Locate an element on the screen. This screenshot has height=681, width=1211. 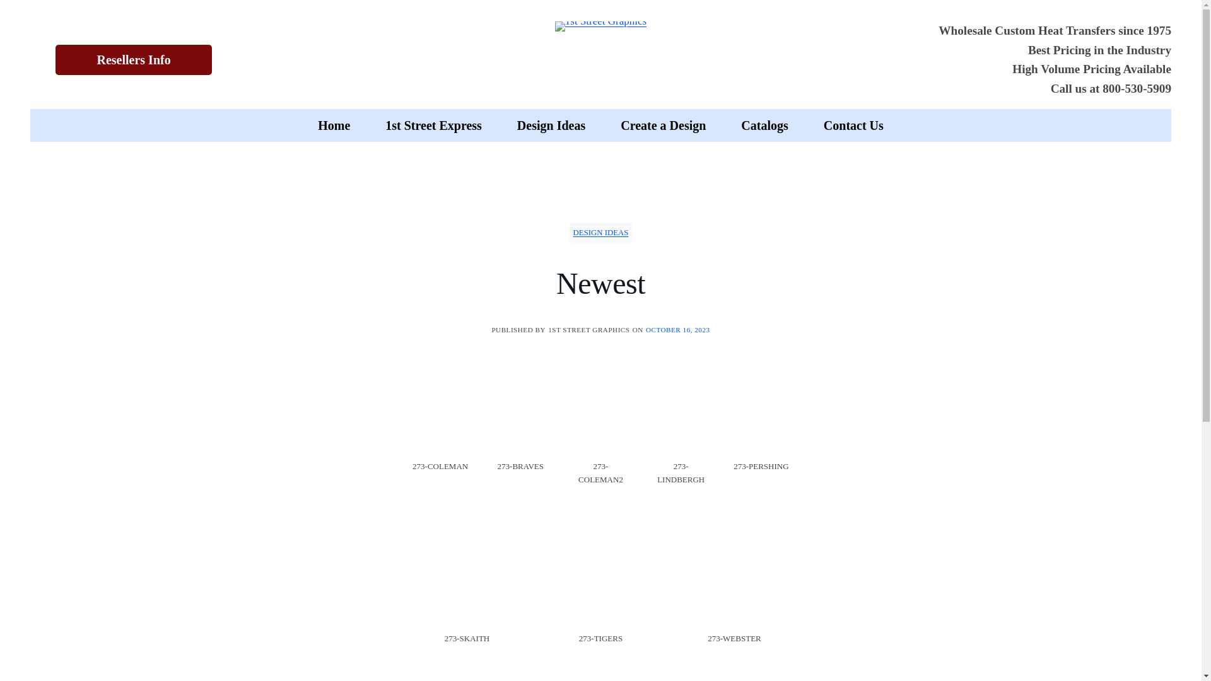
'Design Ideas' is located at coordinates (551, 125).